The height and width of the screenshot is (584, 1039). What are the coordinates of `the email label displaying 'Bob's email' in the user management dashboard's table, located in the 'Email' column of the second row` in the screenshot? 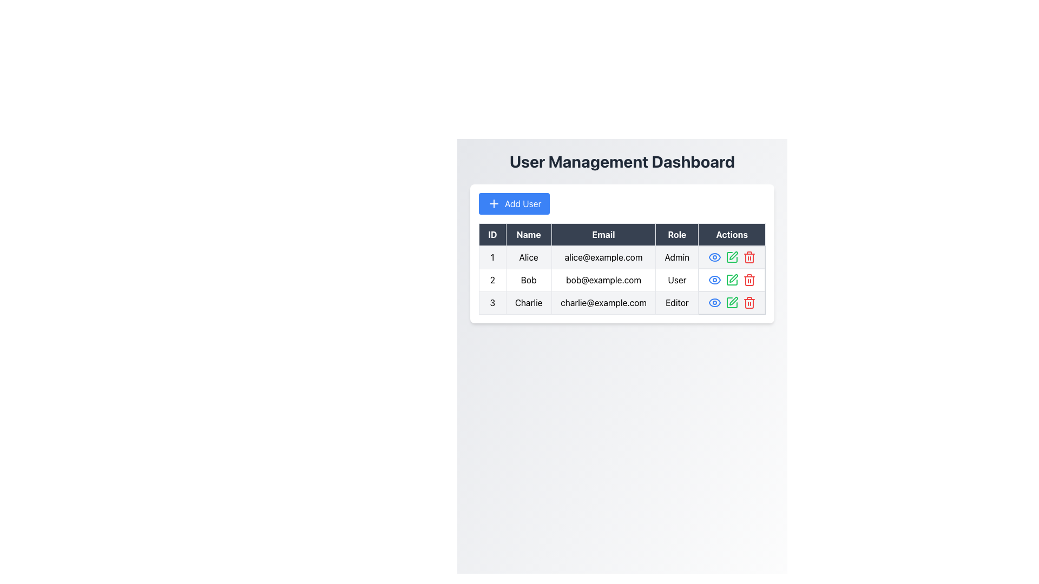 It's located at (603, 279).